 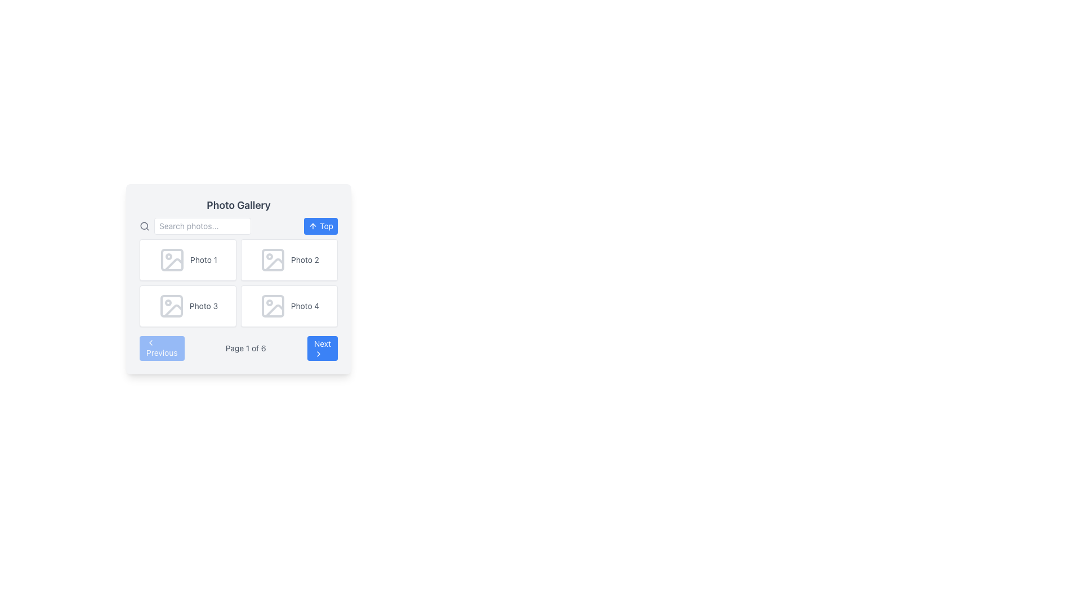 I want to click on the fourth card in the photo gallery interface, which serves as a preview for a photo, so click(x=289, y=306).